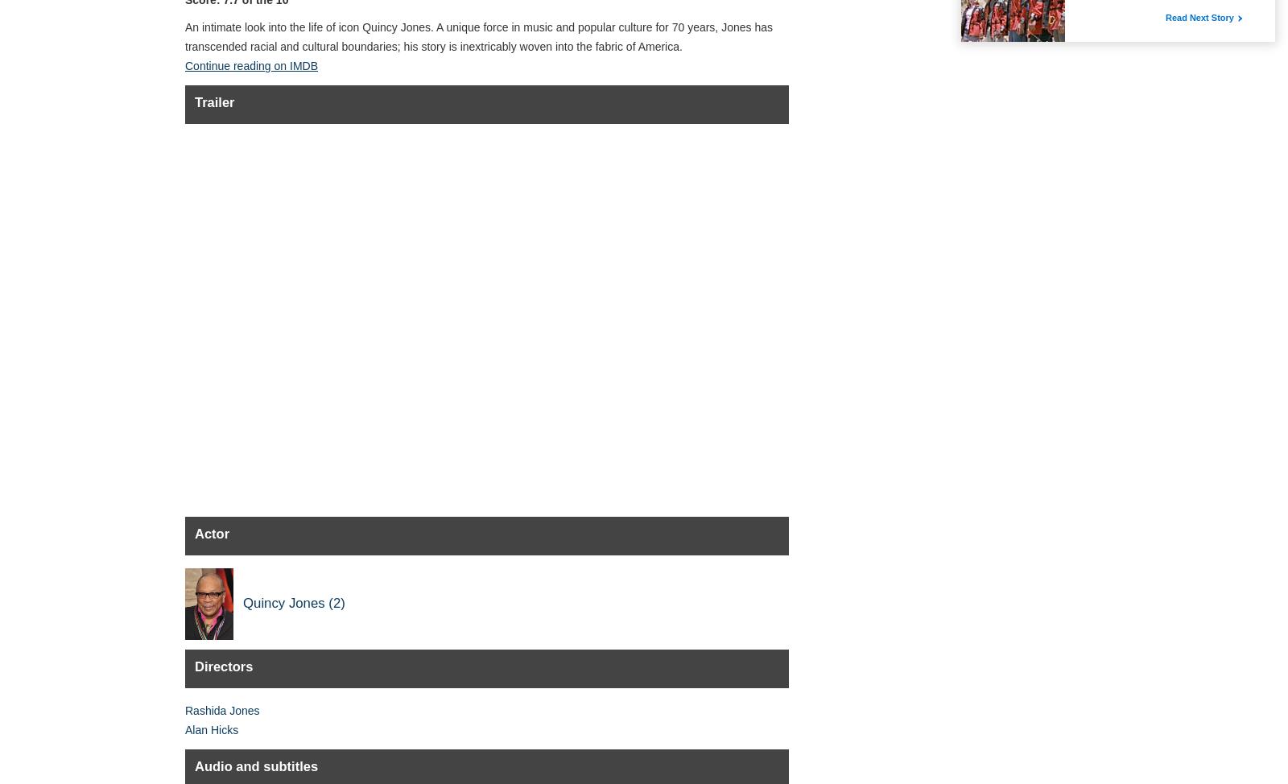 The image size is (1288, 784). I want to click on 'Continue reading on IMDB', so click(251, 65).